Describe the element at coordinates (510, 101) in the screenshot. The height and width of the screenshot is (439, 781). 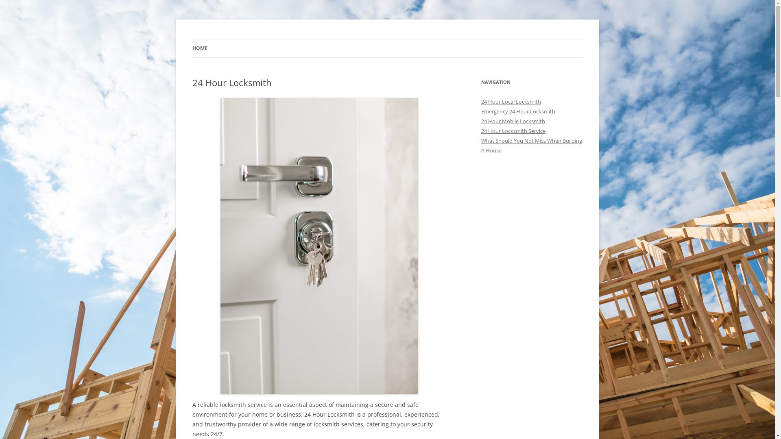
I see `'24 Hour Local Locksmith'` at that location.